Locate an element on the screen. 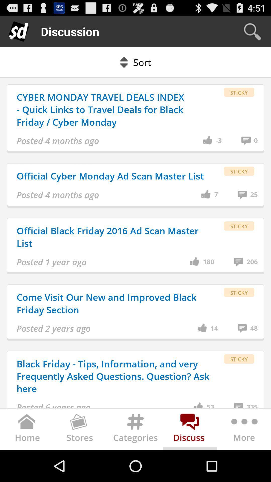  discuss is located at coordinates (190, 431).